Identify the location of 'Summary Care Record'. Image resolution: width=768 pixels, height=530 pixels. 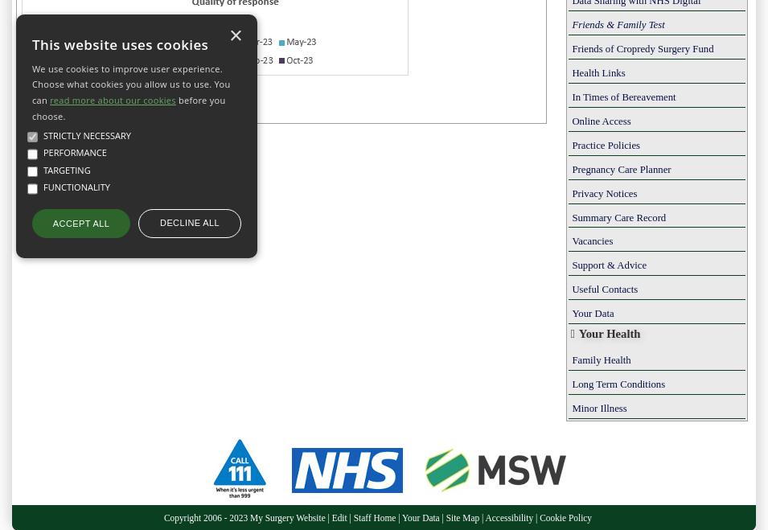
(570, 216).